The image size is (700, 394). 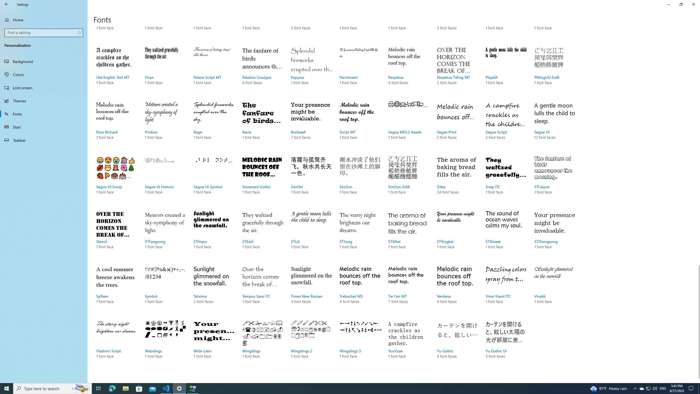 What do you see at coordinates (214, 290) in the screenshot?
I see `'Tahoma, 2 font faces'` at bounding box center [214, 290].